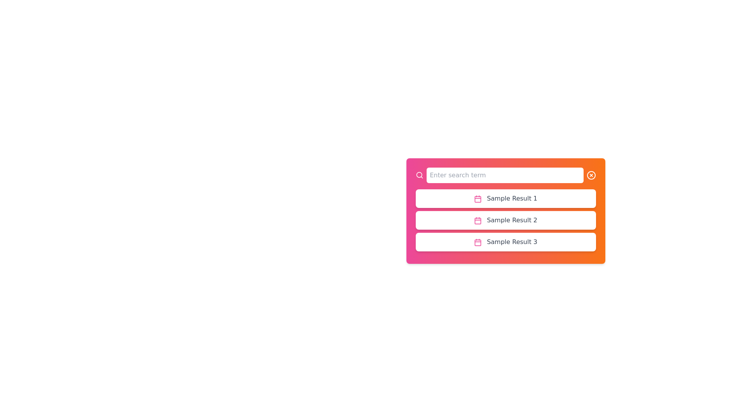 The width and height of the screenshot is (746, 419). Describe the element at coordinates (478, 220) in the screenshot. I see `the pink calendar icon located to the left of the text 'Sample Result 2' in the second item of the results list` at that location.